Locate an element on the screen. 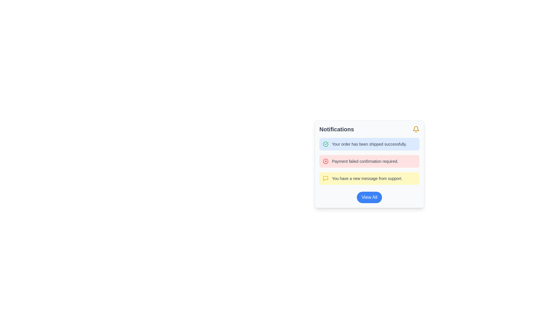  the hollow bell-shaped icon outlined in yellow, located in the top-right corner of the notification panel next to the 'Notifications' title is located at coordinates (416, 128).